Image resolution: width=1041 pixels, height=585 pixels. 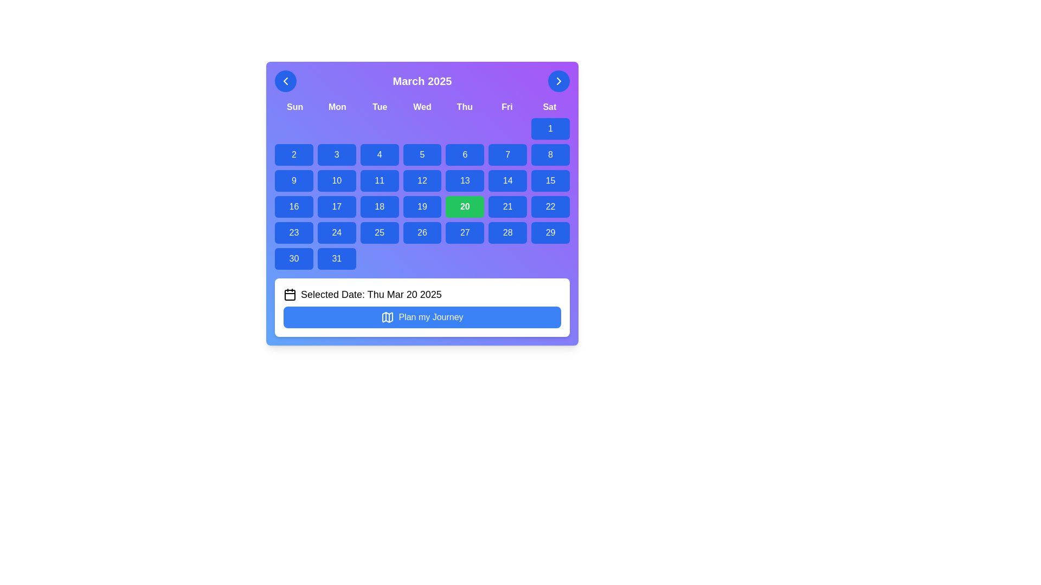 What do you see at coordinates (421, 317) in the screenshot?
I see `the blue rectangular button labeled 'Plan my Journey' with a map icon to change its appearance due to hover effects` at bounding box center [421, 317].